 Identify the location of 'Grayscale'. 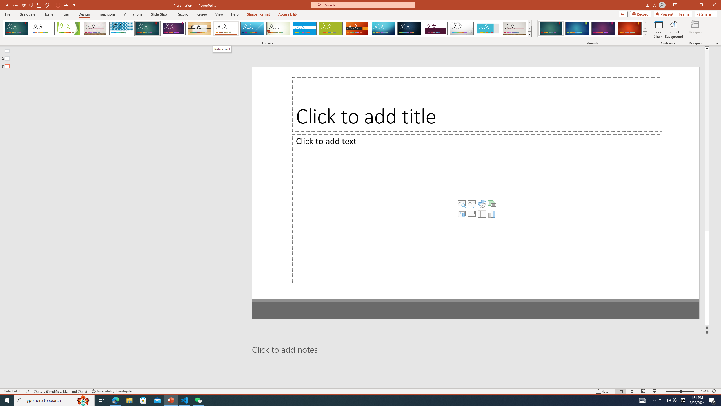
(27, 14).